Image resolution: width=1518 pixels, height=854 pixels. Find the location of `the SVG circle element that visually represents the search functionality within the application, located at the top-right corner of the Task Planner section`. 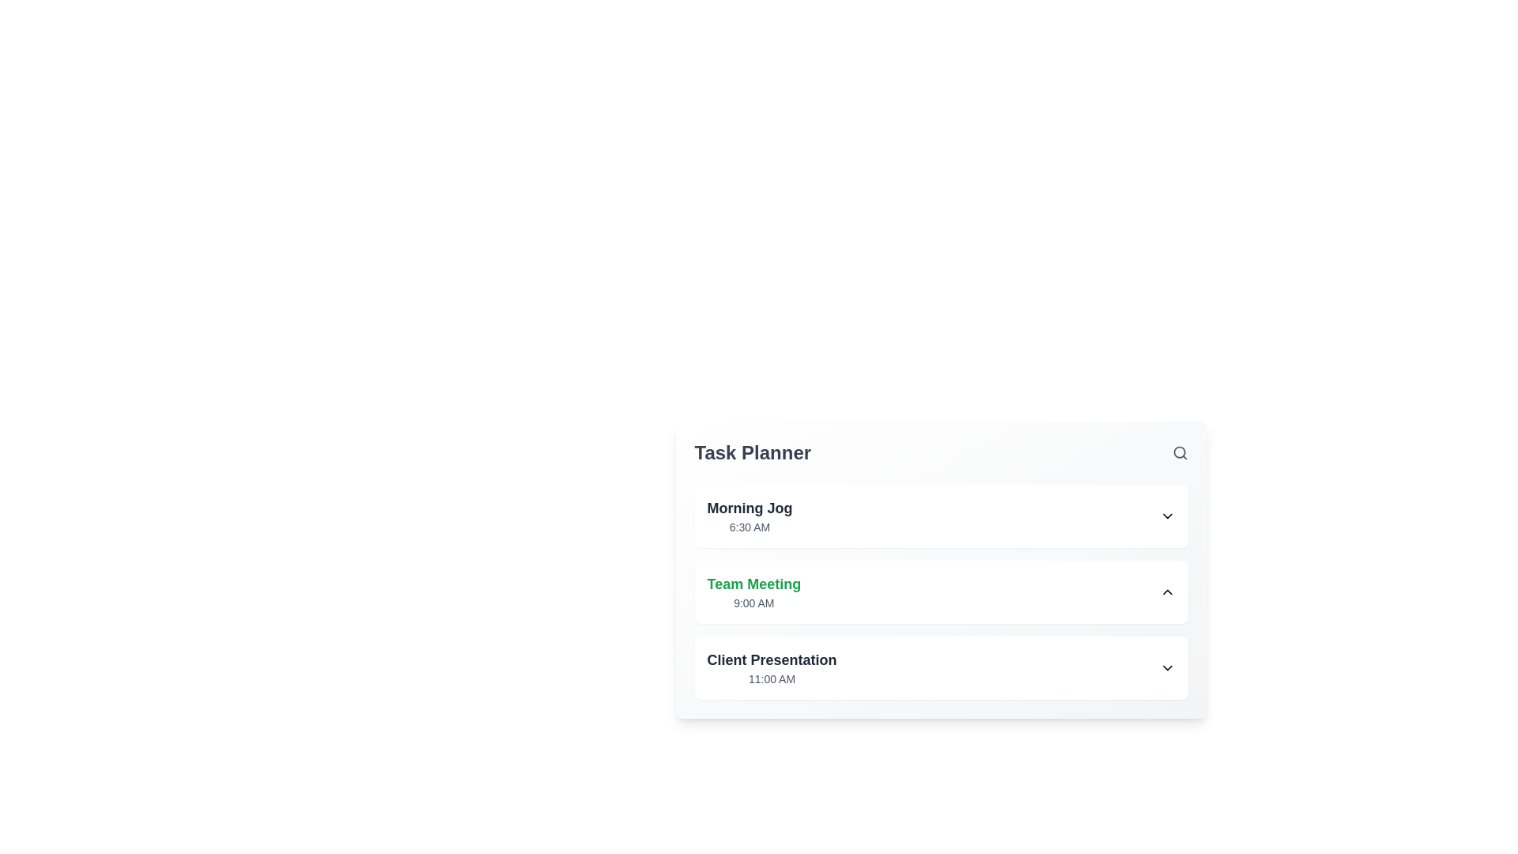

the SVG circle element that visually represents the search functionality within the application, located at the top-right corner of the Task Planner section is located at coordinates (1179, 452).